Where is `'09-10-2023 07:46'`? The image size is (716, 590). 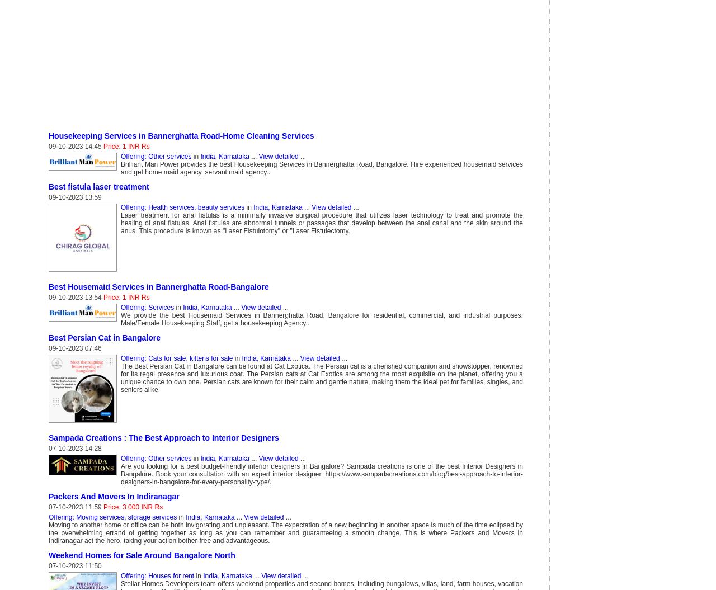
'09-10-2023 07:46' is located at coordinates (74, 348).